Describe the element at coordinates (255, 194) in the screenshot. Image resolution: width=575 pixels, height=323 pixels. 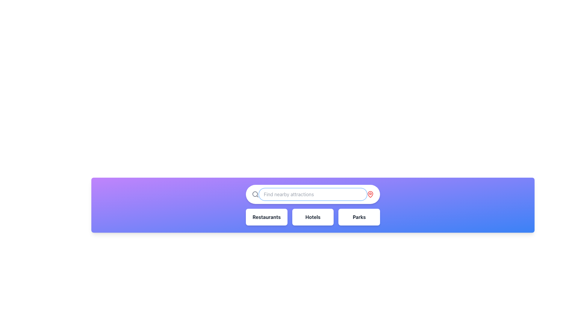
I see `the circular graphical icon of the search icon located on the left side of the 'Find nearby attractions' input field` at that location.